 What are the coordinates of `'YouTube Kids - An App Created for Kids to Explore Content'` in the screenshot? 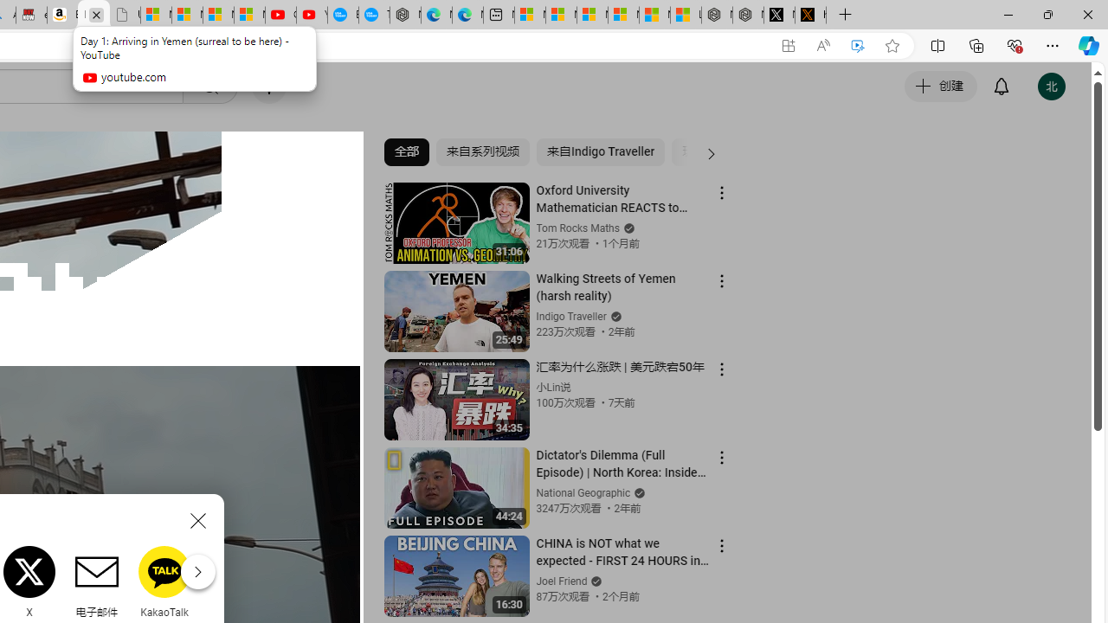 It's located at (312, 15).